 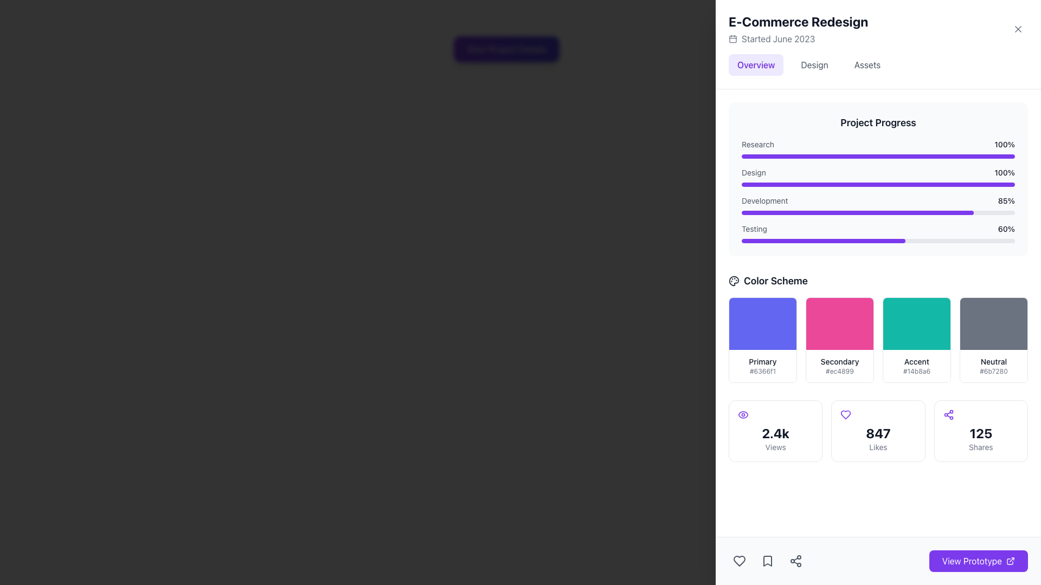 I want to click on text content displayed in the Text label under the 'Accent' color in the 'Color Scheme' section, which shows the hexadecimal value for the color, so click(x=916, y=371).